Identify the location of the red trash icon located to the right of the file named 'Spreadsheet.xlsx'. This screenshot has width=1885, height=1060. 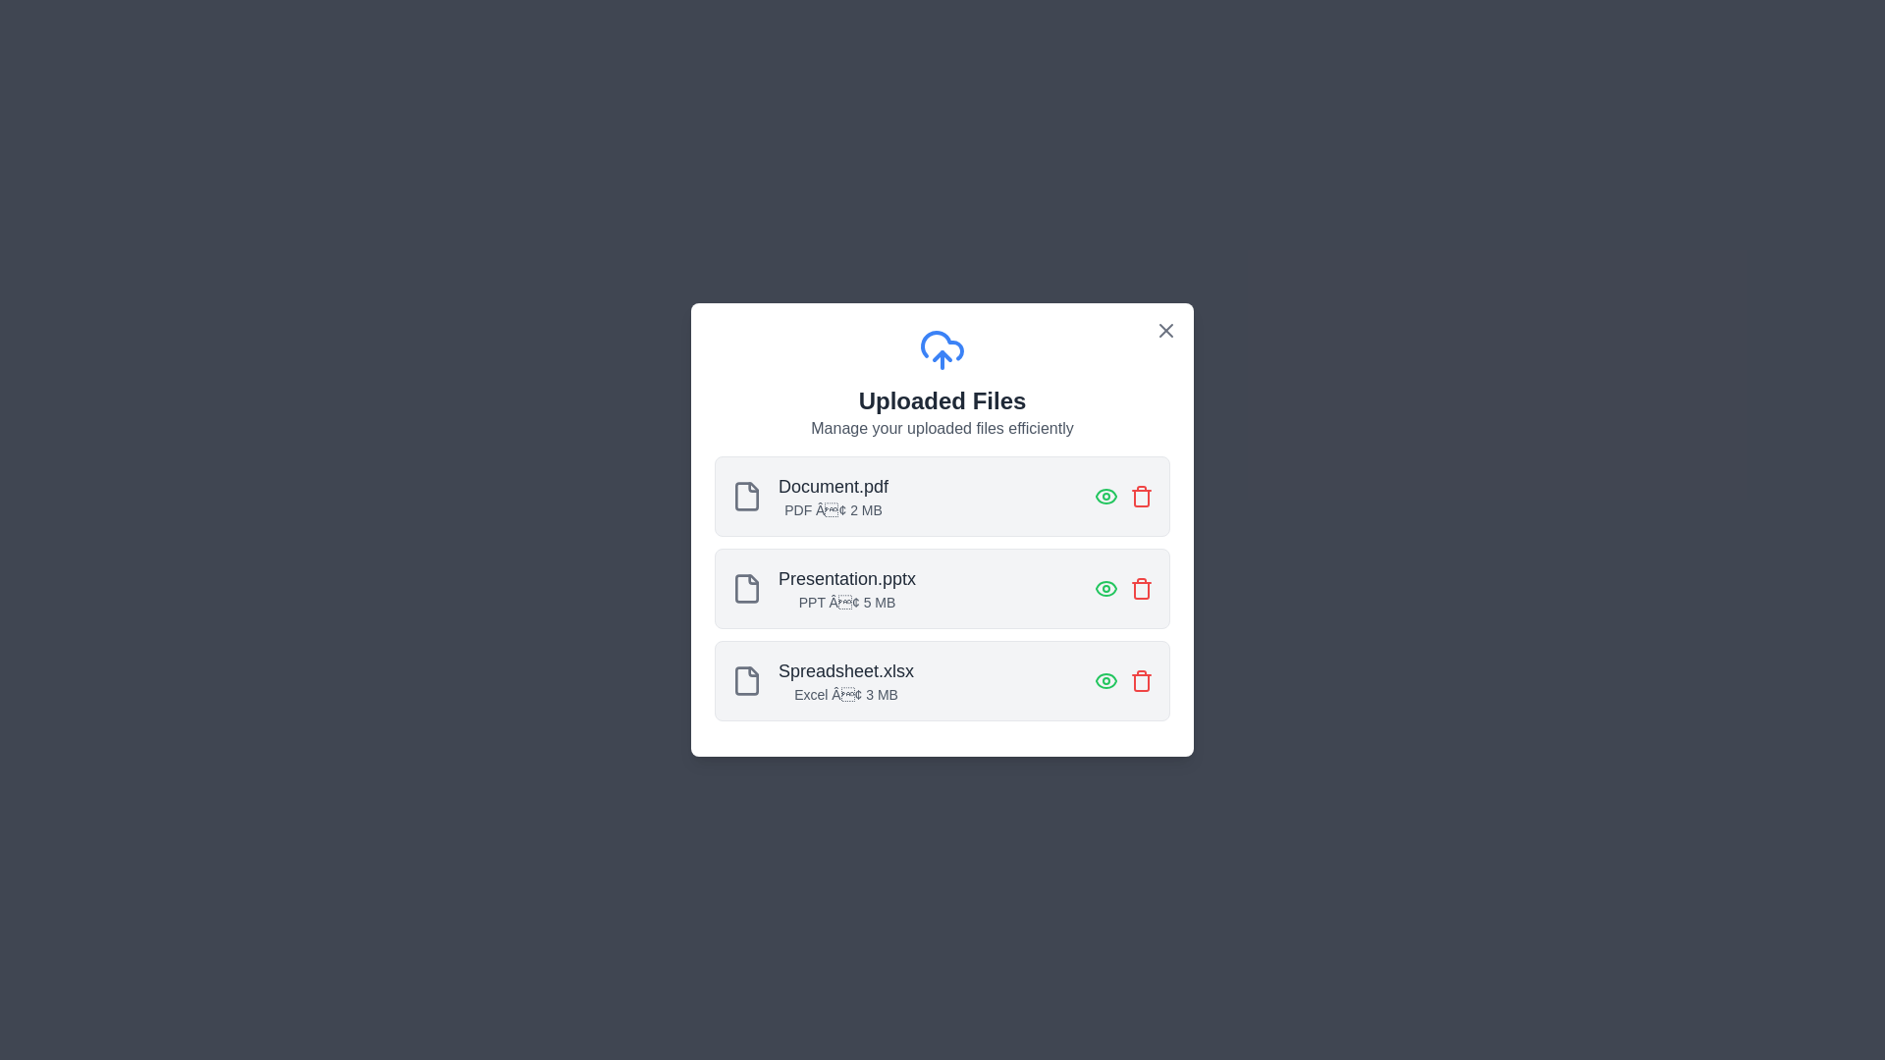
(1141, 495).